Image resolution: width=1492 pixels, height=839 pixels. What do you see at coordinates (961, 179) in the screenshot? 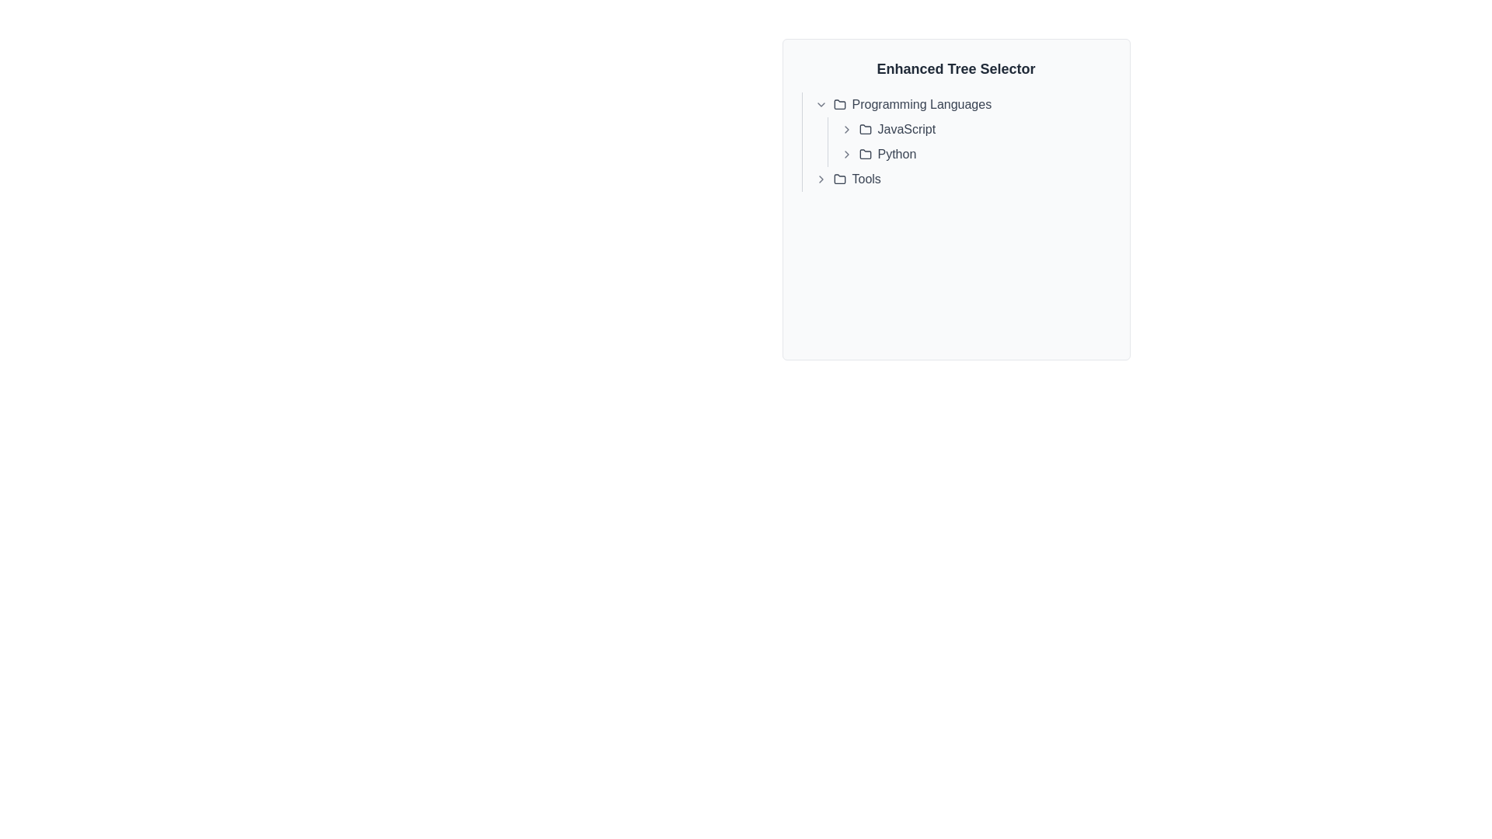
I see `the last tree node element in the hierarchical tree view` at bounding box center [961, 179].